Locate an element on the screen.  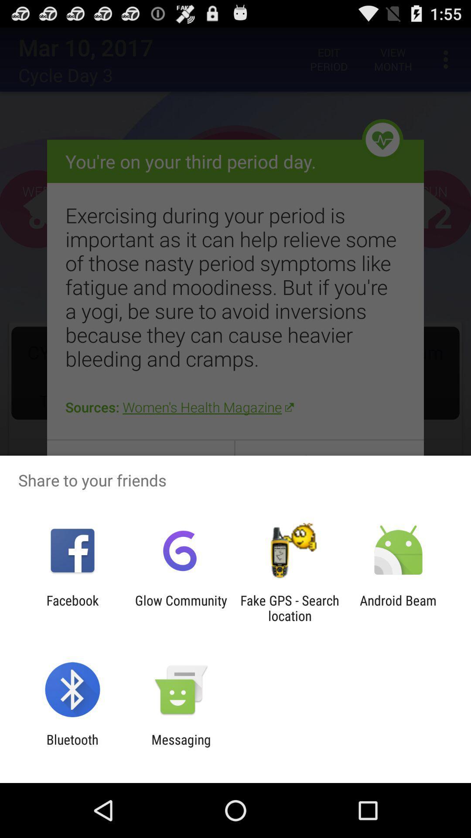
item to the left of android beam icon is located at coordinates (290, 608).